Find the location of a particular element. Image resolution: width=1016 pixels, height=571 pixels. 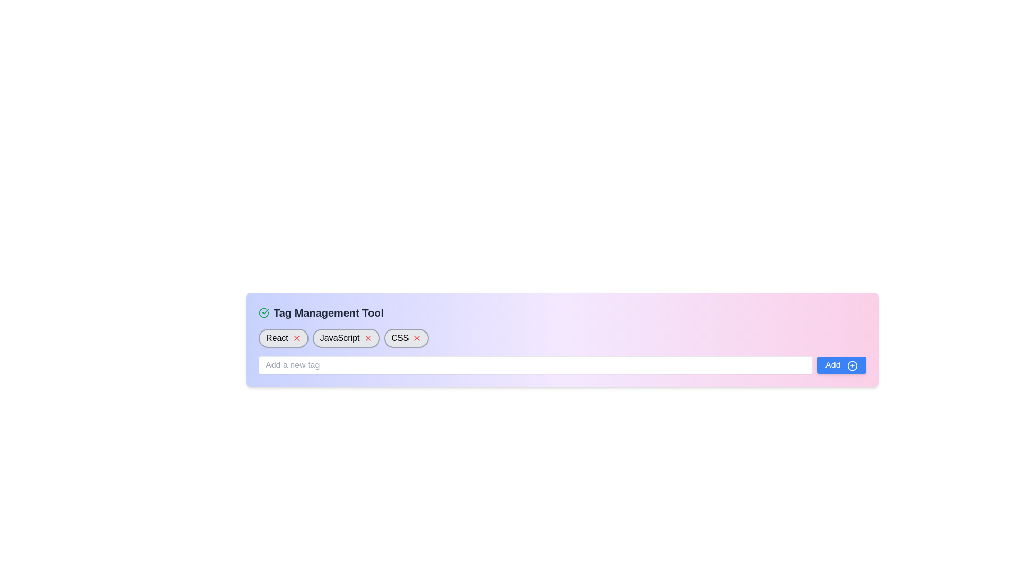

the dismiss 'x' icon on the 'React' tag is located at coordinates (283, 338).